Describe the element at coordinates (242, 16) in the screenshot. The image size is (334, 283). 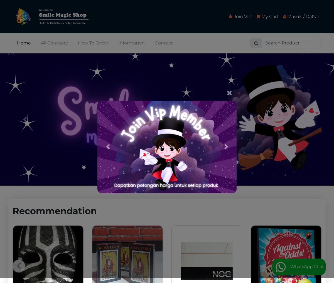
I see `'Join VIP'` at that location.